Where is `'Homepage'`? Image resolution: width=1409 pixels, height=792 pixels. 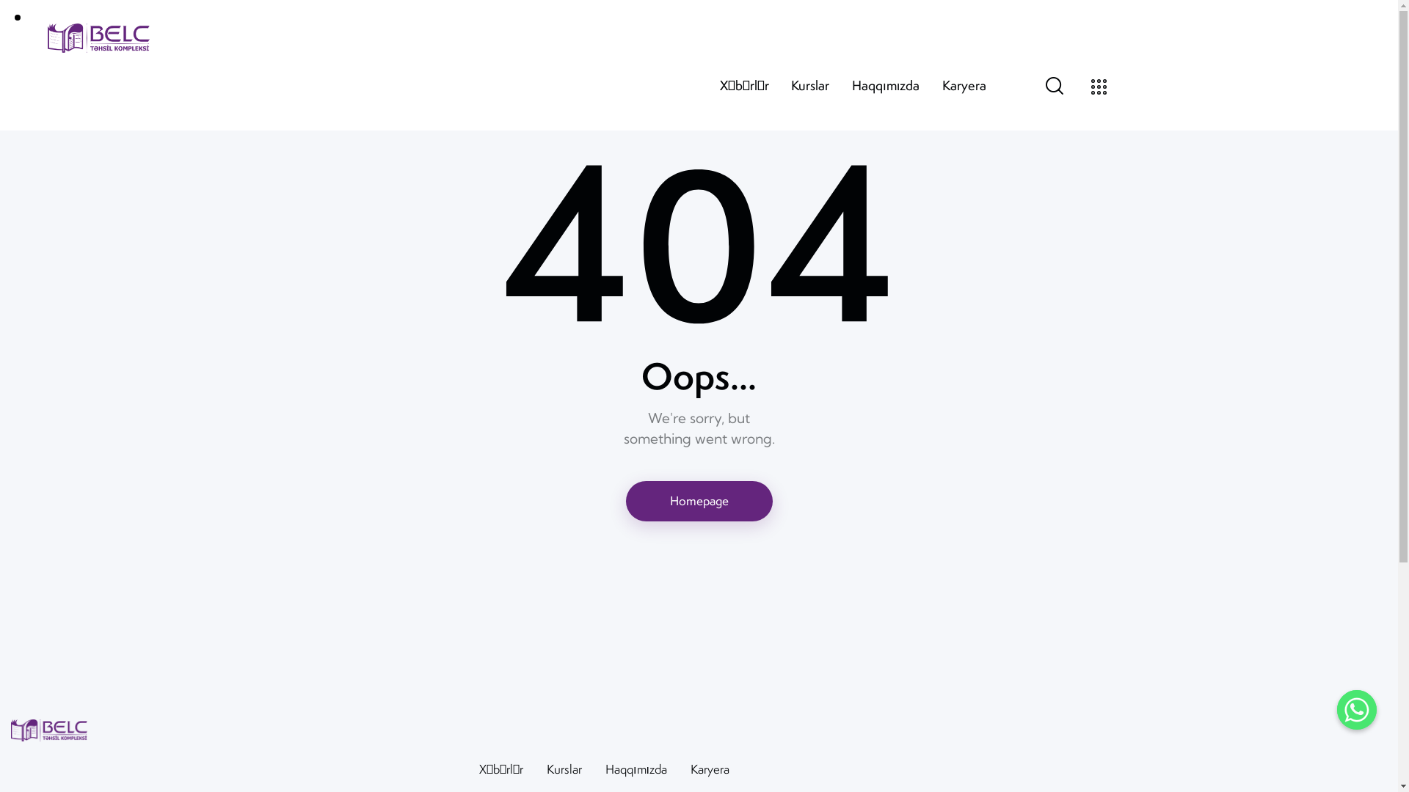 'Homepage' is located at coordinates (697, 500).